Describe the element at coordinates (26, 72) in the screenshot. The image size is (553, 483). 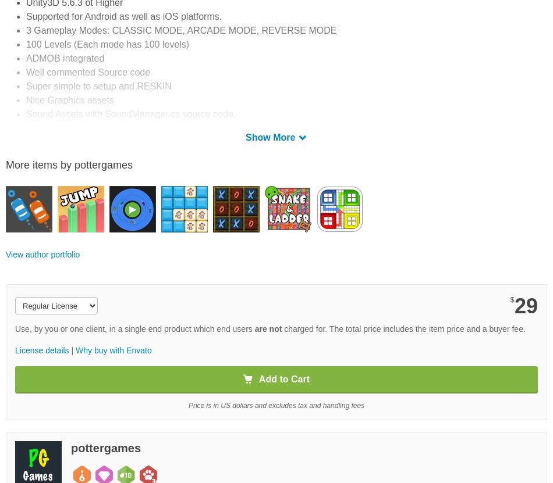
I see `'Well commented Source code'` at that location.